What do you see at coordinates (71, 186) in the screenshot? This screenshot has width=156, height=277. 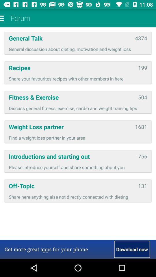 I see `the item next to the 131 app` at bounding box center [71, 186].